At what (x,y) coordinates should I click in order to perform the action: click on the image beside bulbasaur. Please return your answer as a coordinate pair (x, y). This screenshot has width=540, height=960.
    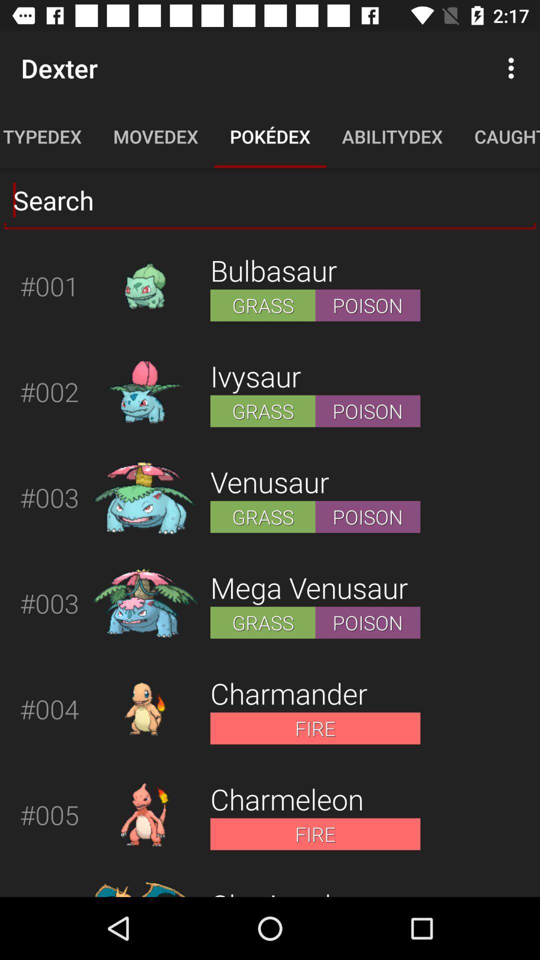
    Looking at the image, I should click on (144, 285).